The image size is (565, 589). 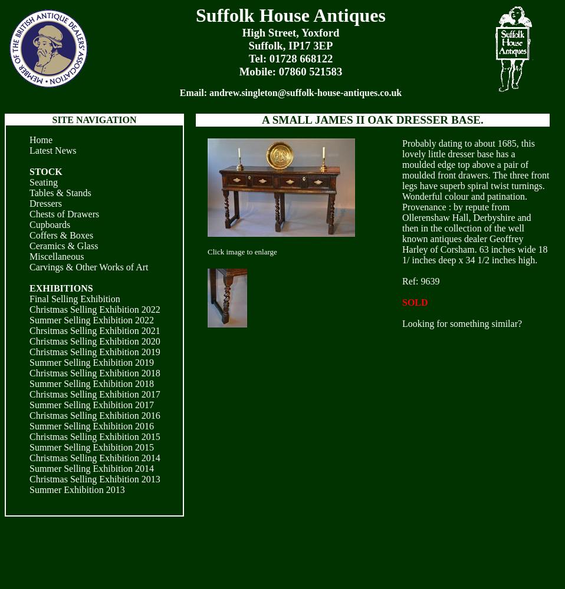 What do you see at coordinates (94, 394) in the screenshot?
I see `'Christmas Selling Exhibition 2017'` at bounding box center [94, 394].